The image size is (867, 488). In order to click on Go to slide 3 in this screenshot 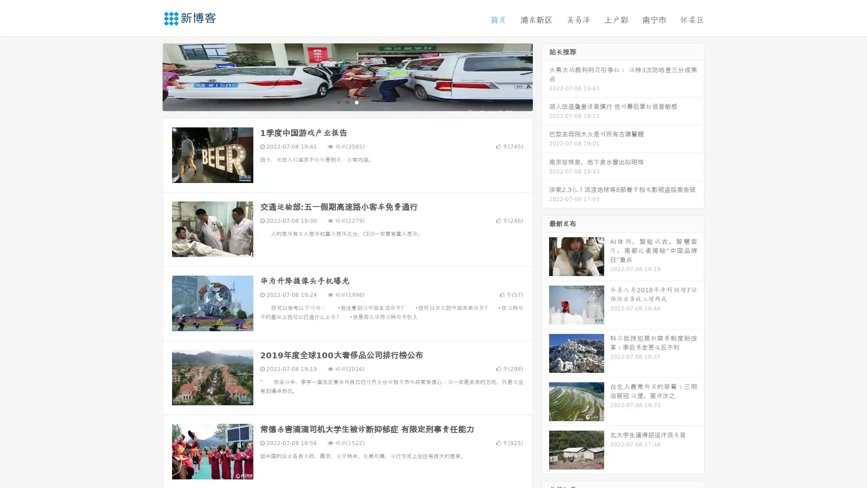, I will do `click(356, 102)`.